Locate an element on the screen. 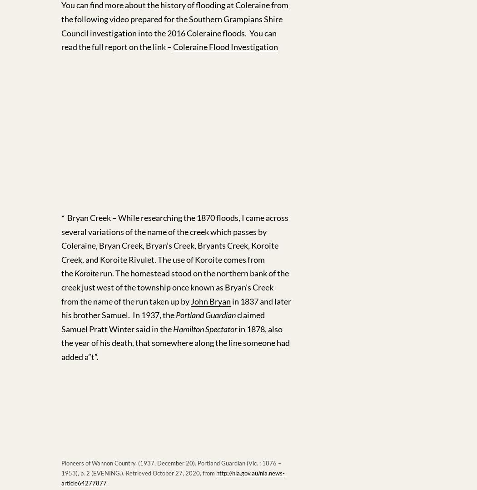 This screenshot has width=477, height=490. 'claimed Samuel Pratt Winter said in the' is located at coordinates (162, 321).